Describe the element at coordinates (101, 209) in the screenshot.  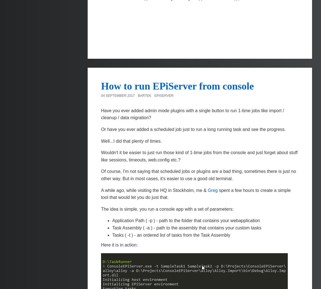
I see `'The idea is simple, you run a console app with a set of parameters:'` at that location.